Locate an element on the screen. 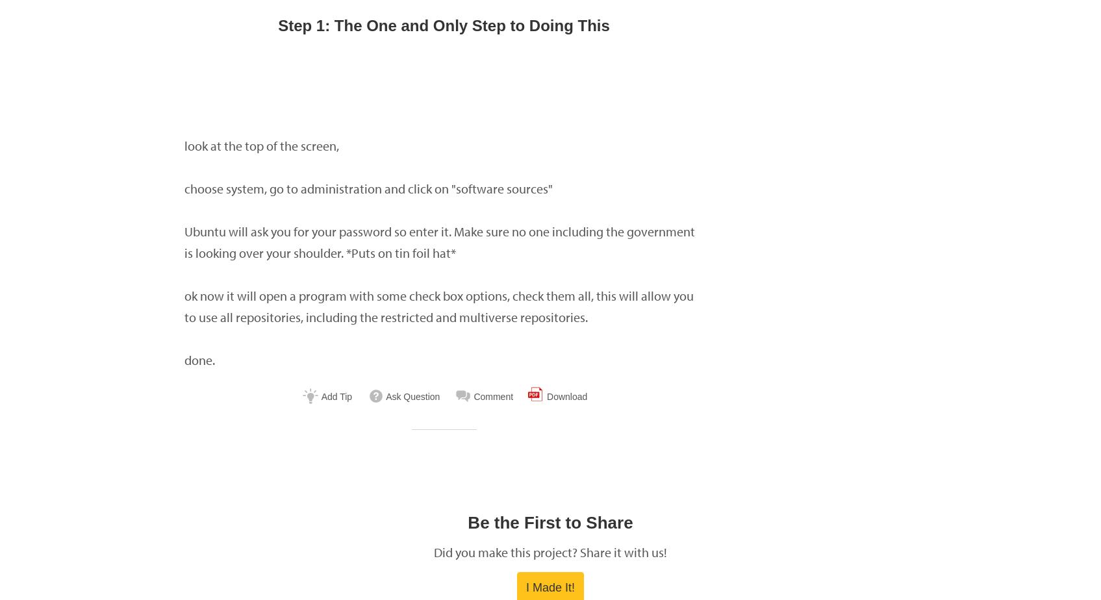  'Download' is located at coordinates (566, 397).